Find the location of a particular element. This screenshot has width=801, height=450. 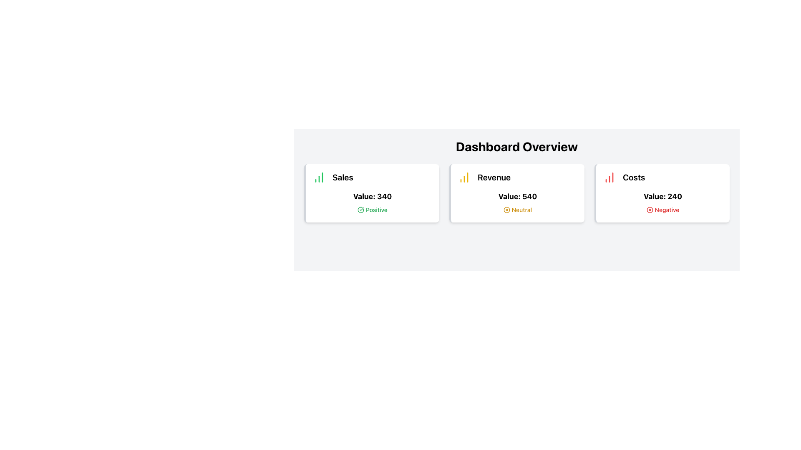

the informational text label displaying revenue metrics located in the 'Revenue' card, positioned below the title 'Revenue' and above the label 'Neutral' is located at coordinates (517, 196).